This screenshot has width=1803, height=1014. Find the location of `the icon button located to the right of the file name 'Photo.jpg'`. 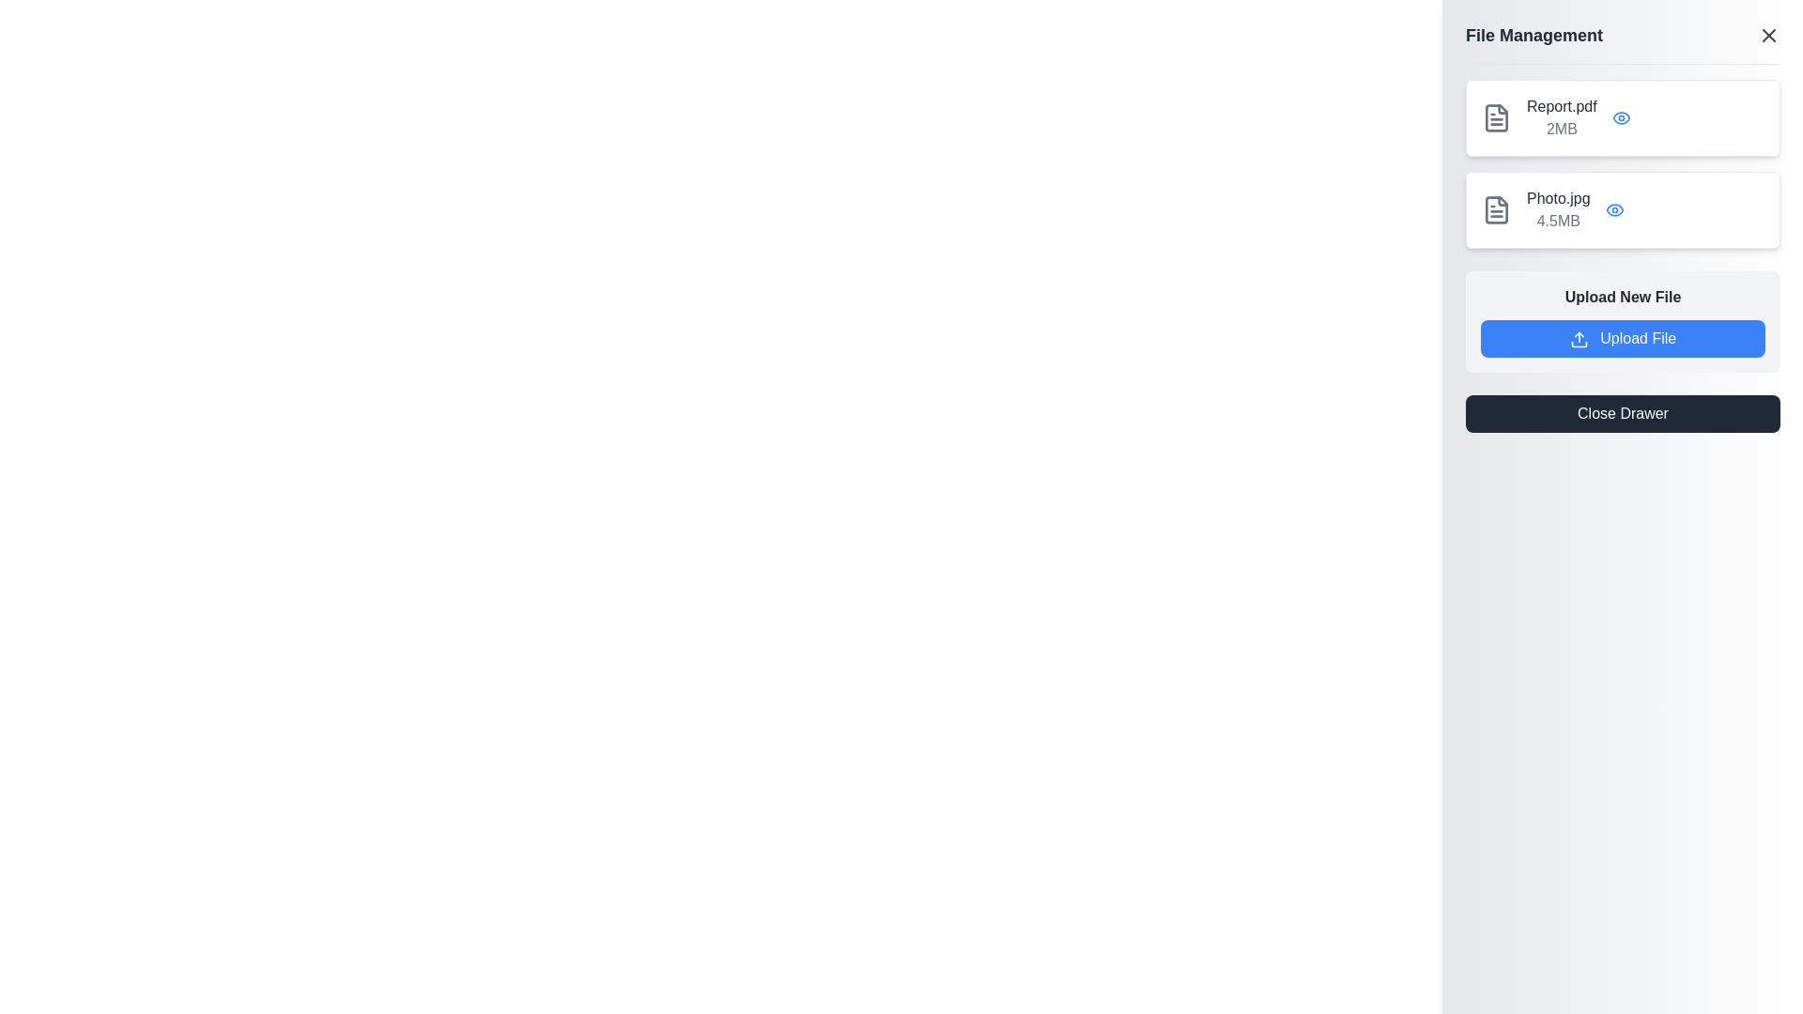

the icon button located to the right of the file name 'Photo.jpg' is located at coordinates (1613, 209).